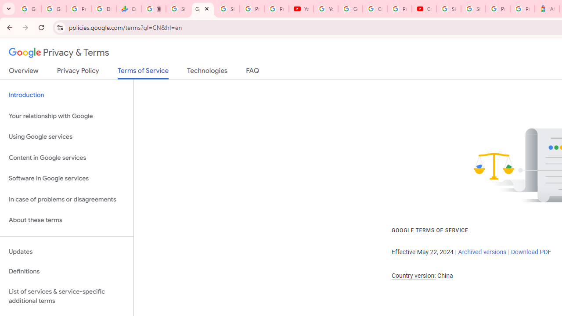  What do you see at coordinates (66, 95) in the screenshot?
I see `'Introduction'` at bounding box center [66, 95].